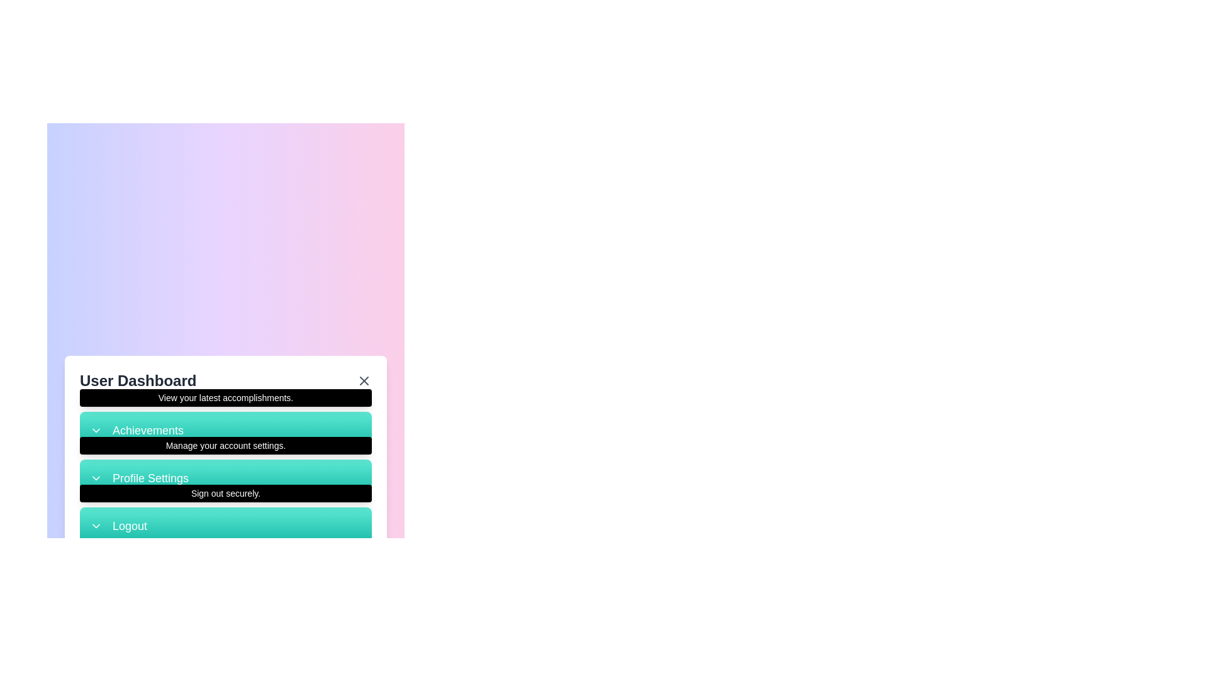 This screenshot has width=1208, height=679. What do you see at coordinates (130, 526) in the screenshot?
I see `the logout text label at the bottom of the vertical list menu, which indicates the logout functionality` at bounding box center [130, 526].